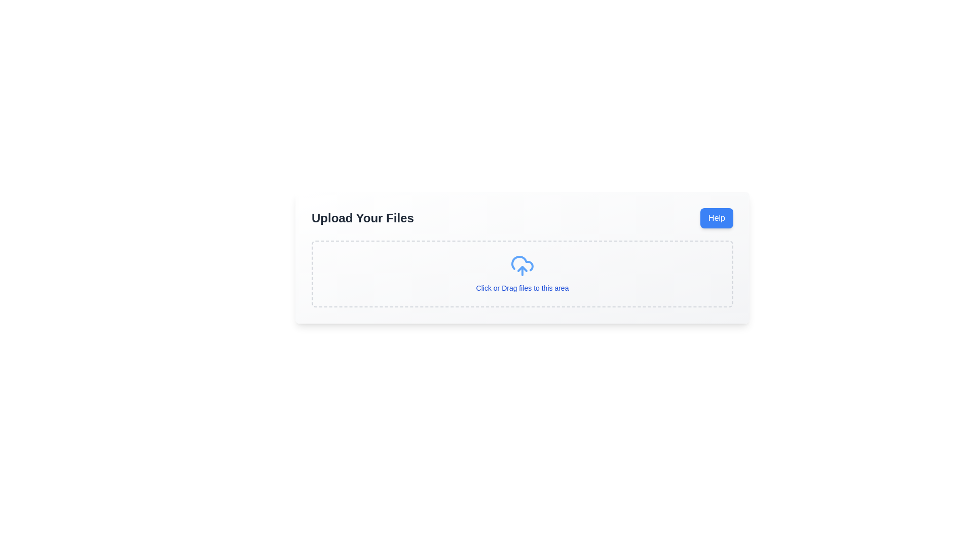 Image resolution: width=973 pixels, height=547 pixels. I want to click on the File upload area, which is a rectangular area with a dashed border, rounded corners, and a blue cloud upload icon in the center, along with the text 'Click or Drag files to this area' below the icon, so click(522, 273).